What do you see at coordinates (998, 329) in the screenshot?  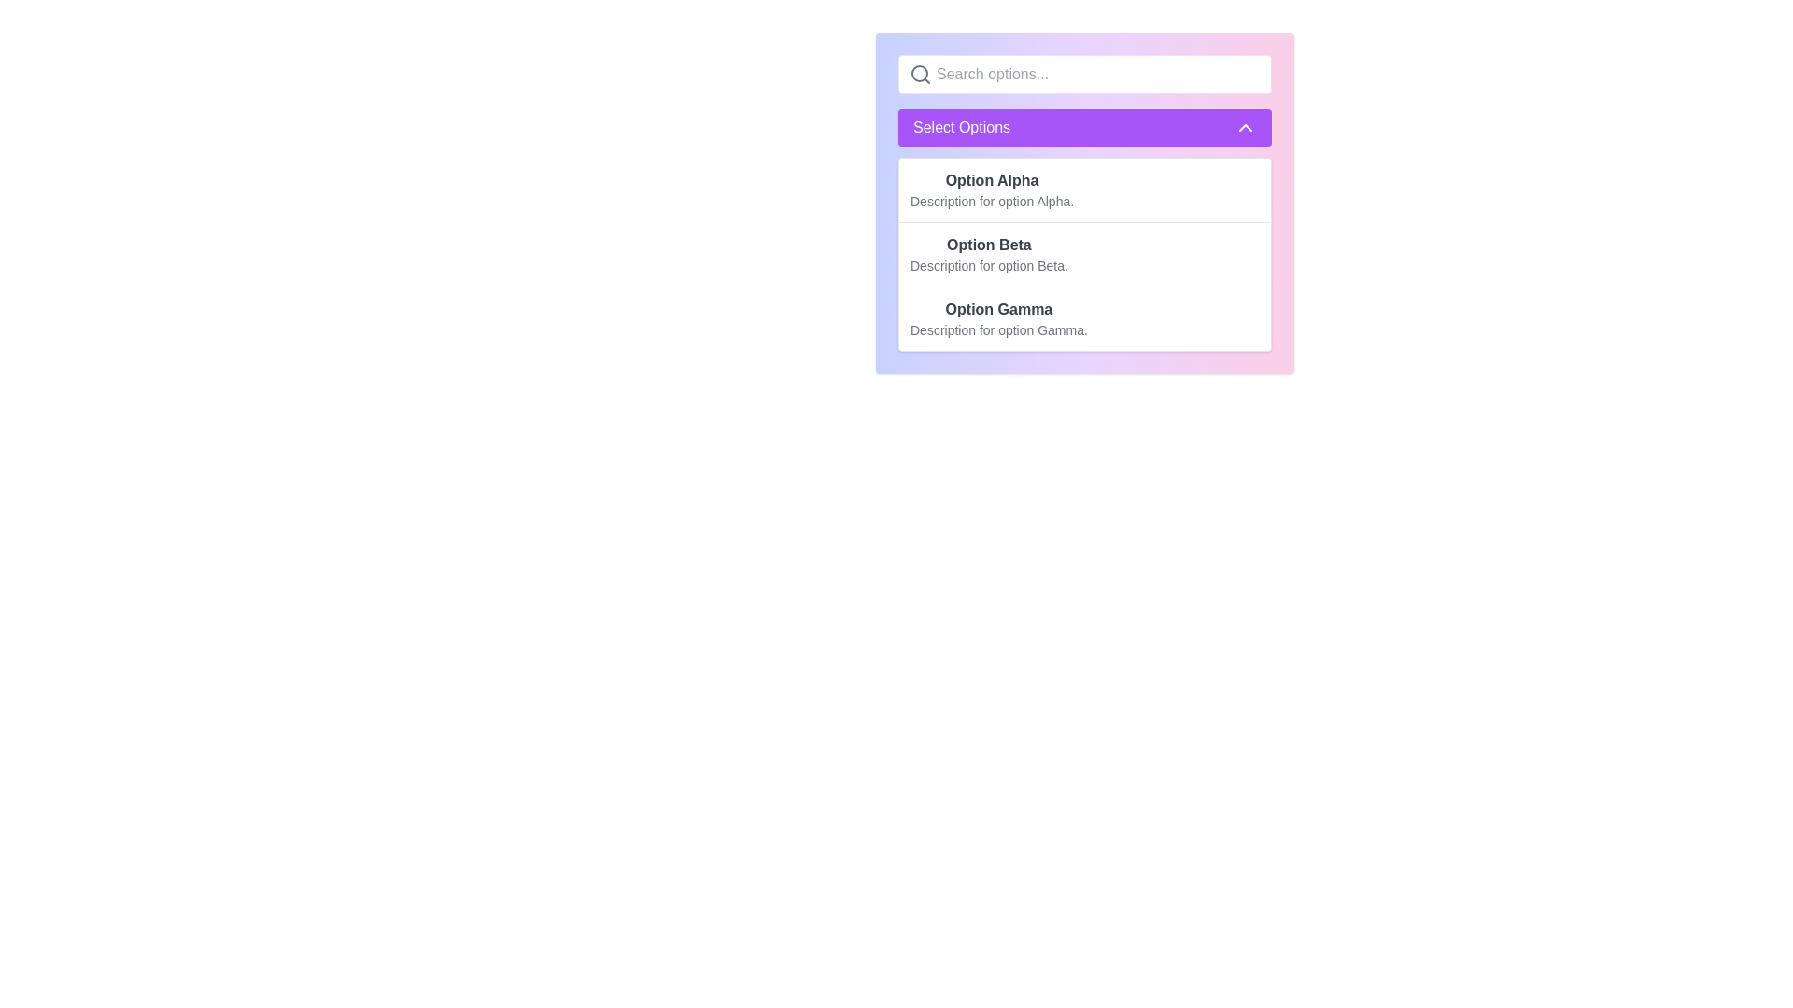 I see `the text label element reading 'Description for option Gamma.' located under the title 'Option Gamma' in the dropdown list` at bounding box center [998, 329].